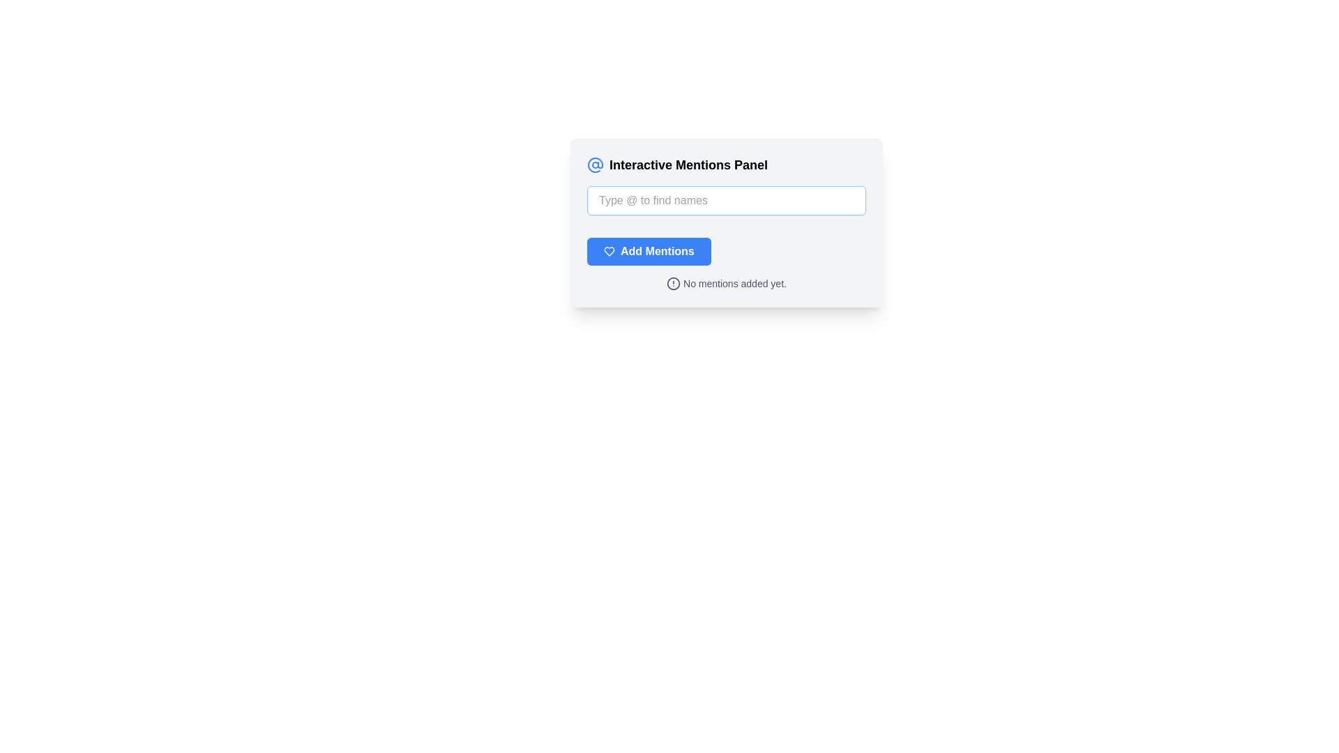 Image resolution: width=1339 pixels, height=753 pixels. Describe the element at coordinates (674, 283) in the screenshot. I see `the warning sign icon located to the left of the 'No mentions added yet.' text in the footer of the mentions panel` at that location.